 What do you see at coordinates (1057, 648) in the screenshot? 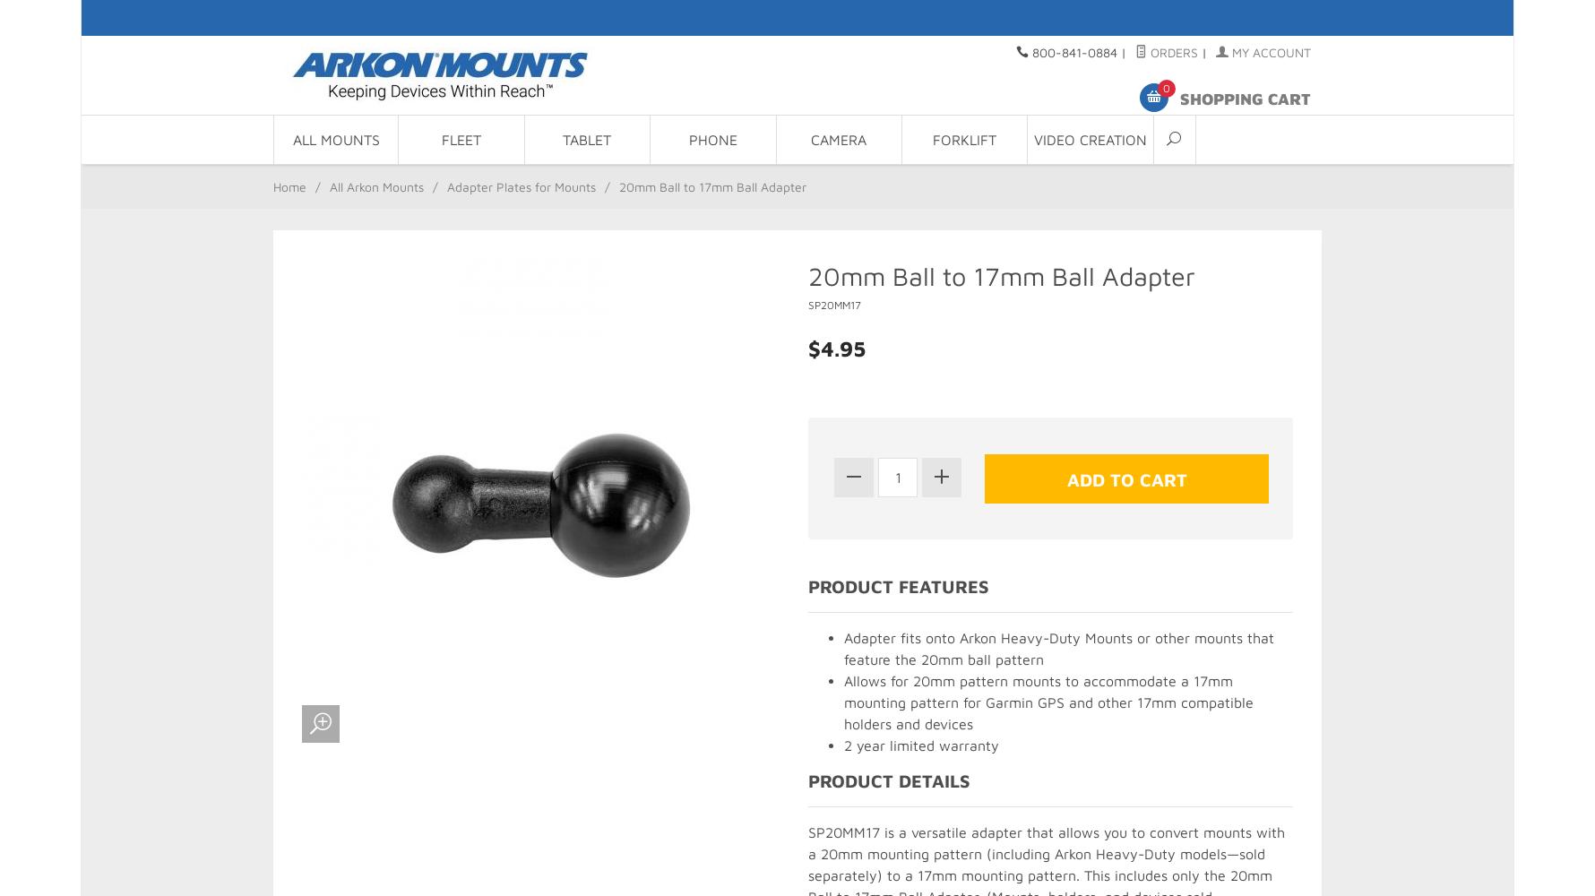
I see `'Adapter fits onto Arkon Heavy-Duty Mounts or other mounts that feature the 20mm ball pattern'` at bounding box center [1057, 648].